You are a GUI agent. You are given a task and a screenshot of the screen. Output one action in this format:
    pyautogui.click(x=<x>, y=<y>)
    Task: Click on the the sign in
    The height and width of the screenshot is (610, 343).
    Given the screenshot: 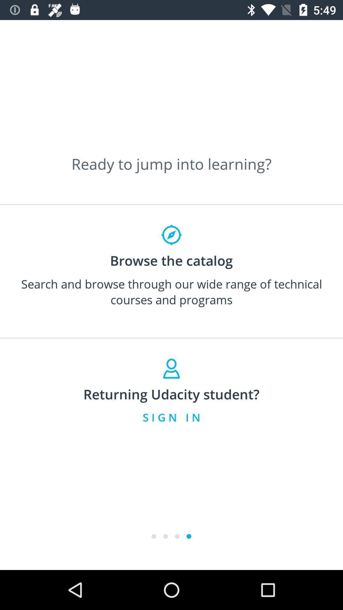 What is the action you would take?
    pyautogui.click(x=171, y=417)
    